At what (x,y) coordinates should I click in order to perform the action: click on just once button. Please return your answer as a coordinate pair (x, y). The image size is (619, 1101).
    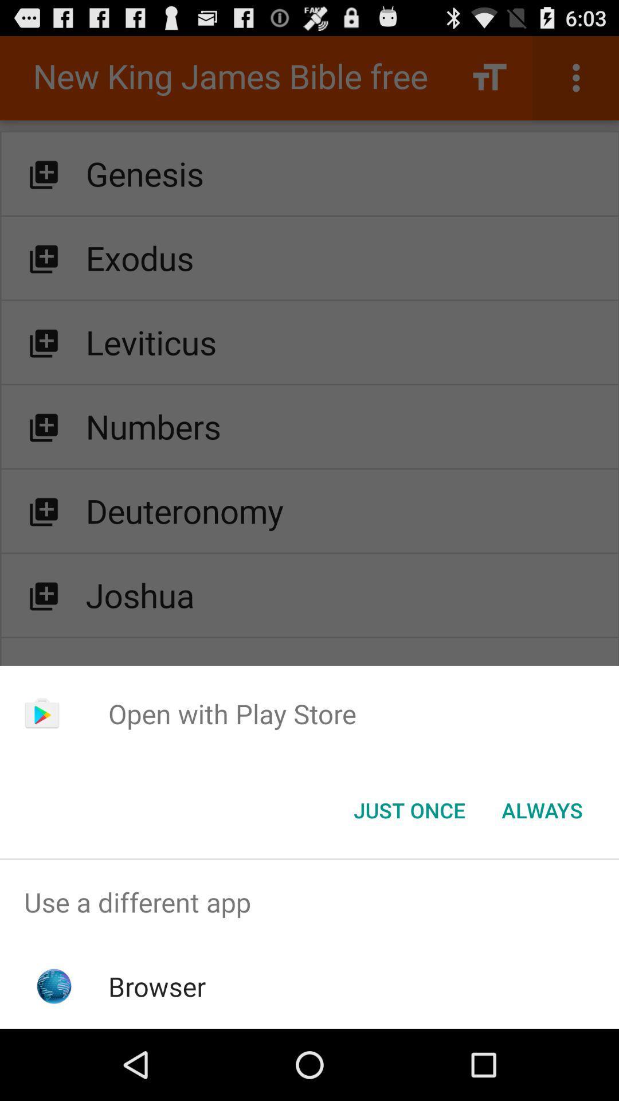
    Looking at the image, I should click on (409, 809).